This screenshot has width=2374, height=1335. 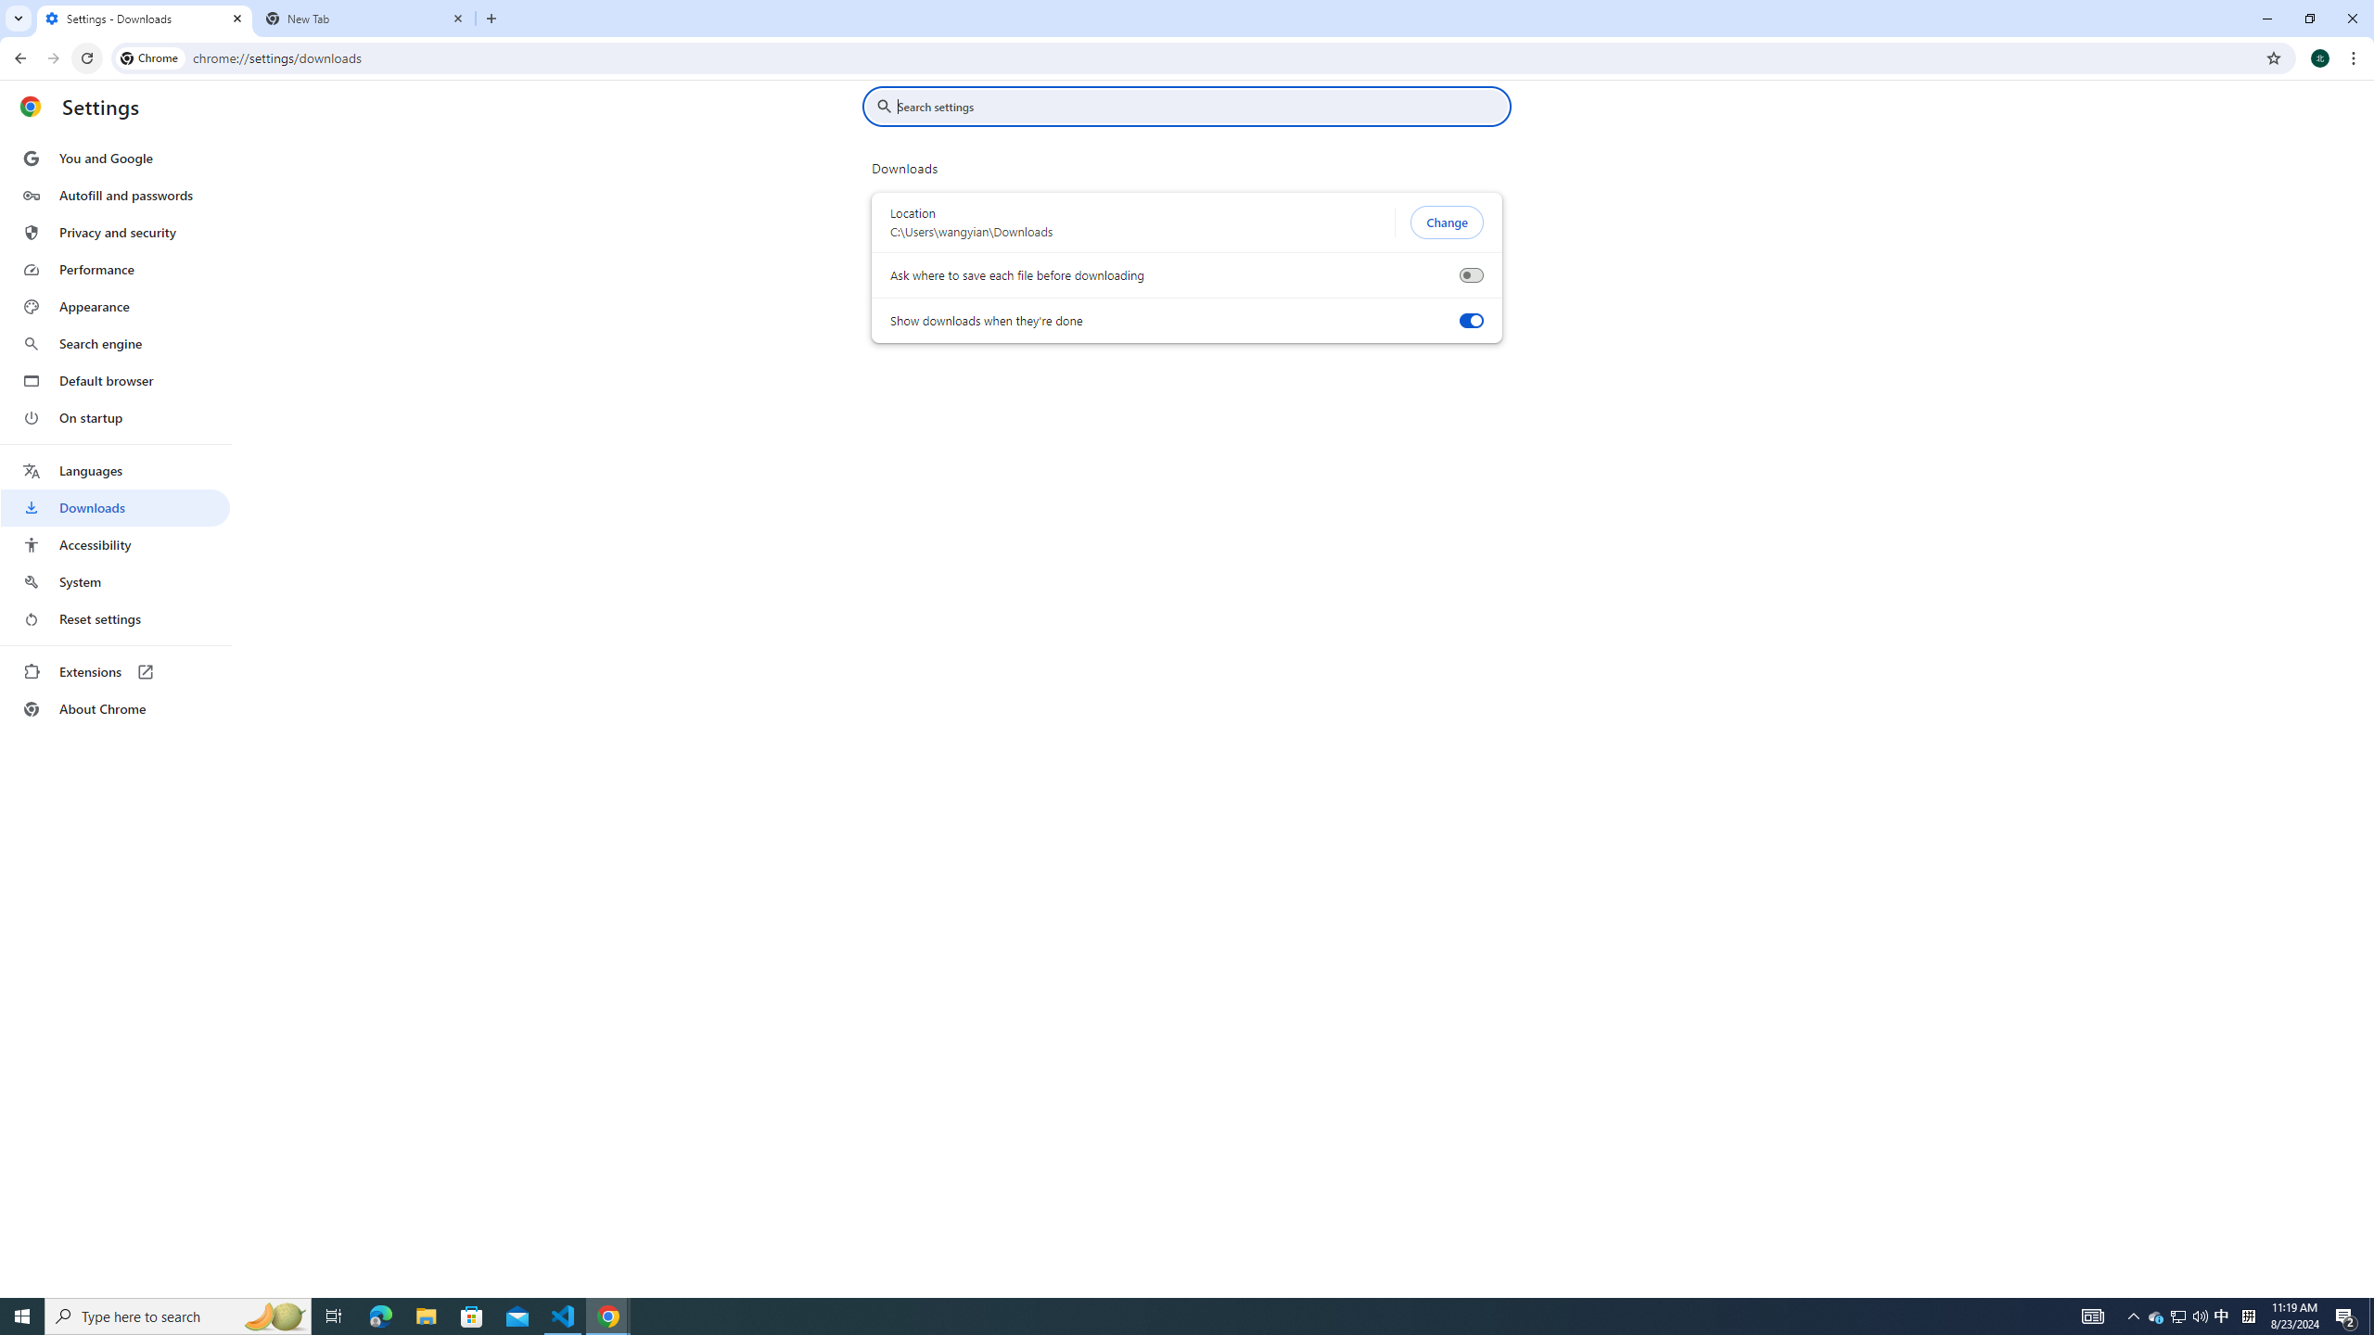 I want to click on 'Search engine', so click(x=114, y=344).